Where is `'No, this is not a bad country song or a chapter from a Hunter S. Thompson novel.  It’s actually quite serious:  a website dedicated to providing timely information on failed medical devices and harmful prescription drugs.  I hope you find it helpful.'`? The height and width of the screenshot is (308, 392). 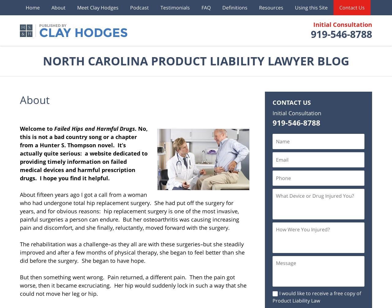
'No, this is not a bad country song or a chapter from a Hunter S. Thompson novel.  It’s actually quite serious:  a website dedicated to providing timely information on failed medical devices and harmful prescription drugs.  I hope you find it helpful.' is located at coordinates (83, 153).